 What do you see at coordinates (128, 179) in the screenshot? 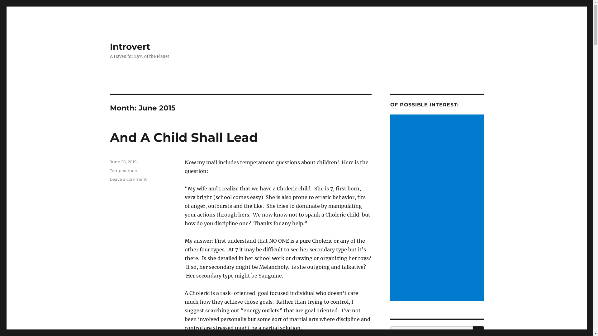
I see `'Leave a comment` at bounding box center [128, 179].